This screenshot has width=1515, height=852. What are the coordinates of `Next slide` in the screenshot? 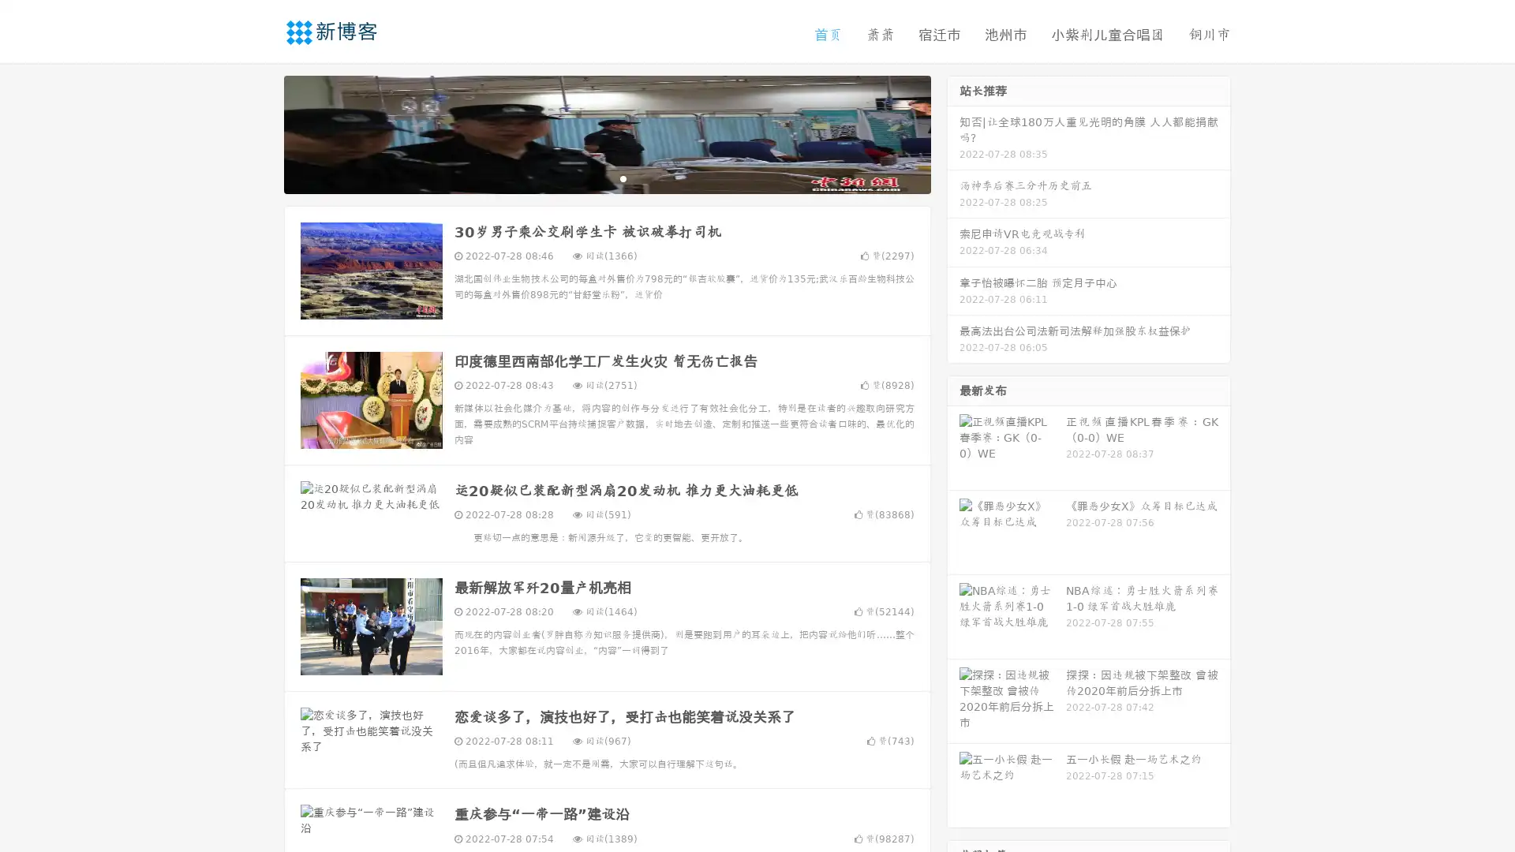 It's located at (953, 133).